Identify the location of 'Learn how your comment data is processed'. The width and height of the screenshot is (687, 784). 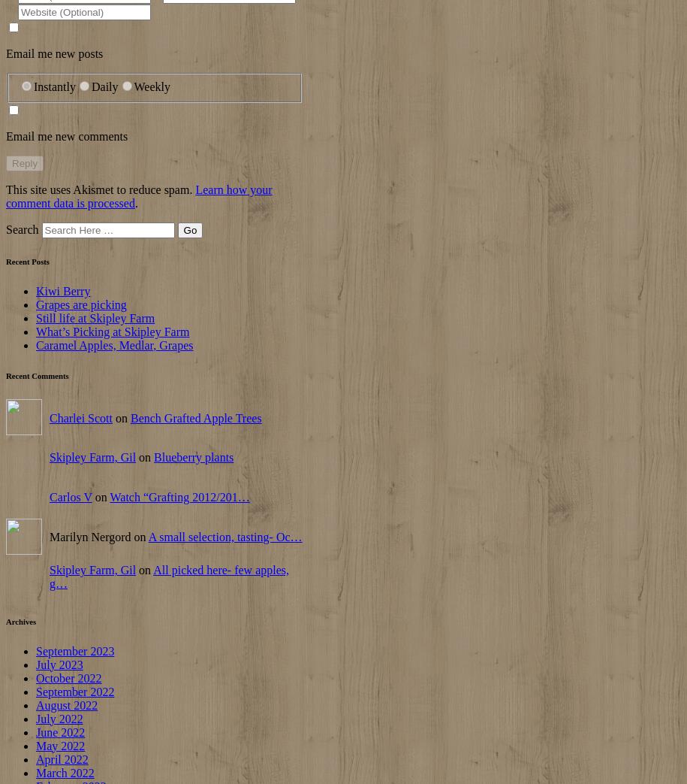
(138, 195).